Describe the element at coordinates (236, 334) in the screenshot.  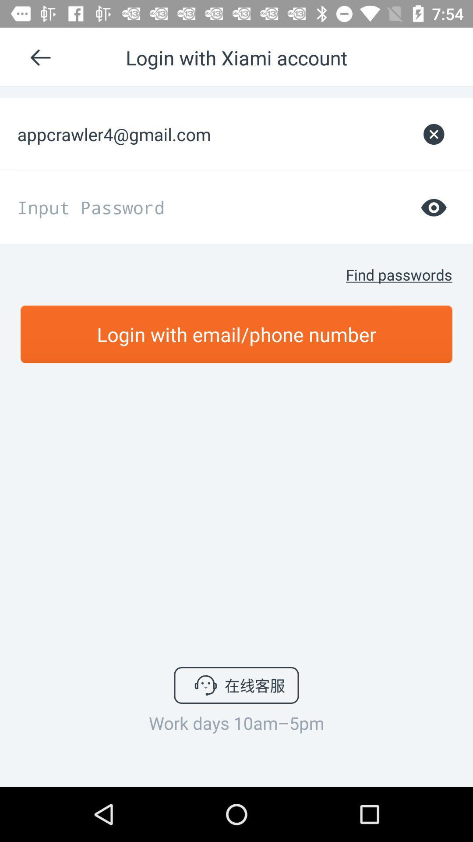
I see `orange button` at that location.